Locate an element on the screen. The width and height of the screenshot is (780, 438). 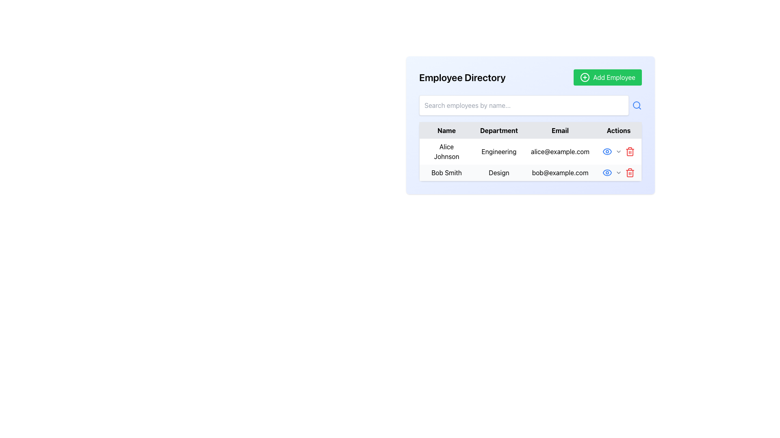
the arrow icon located as the second item among the action icons in the 'Actions' column of the second row in the table is located at coordinates (618, 152).